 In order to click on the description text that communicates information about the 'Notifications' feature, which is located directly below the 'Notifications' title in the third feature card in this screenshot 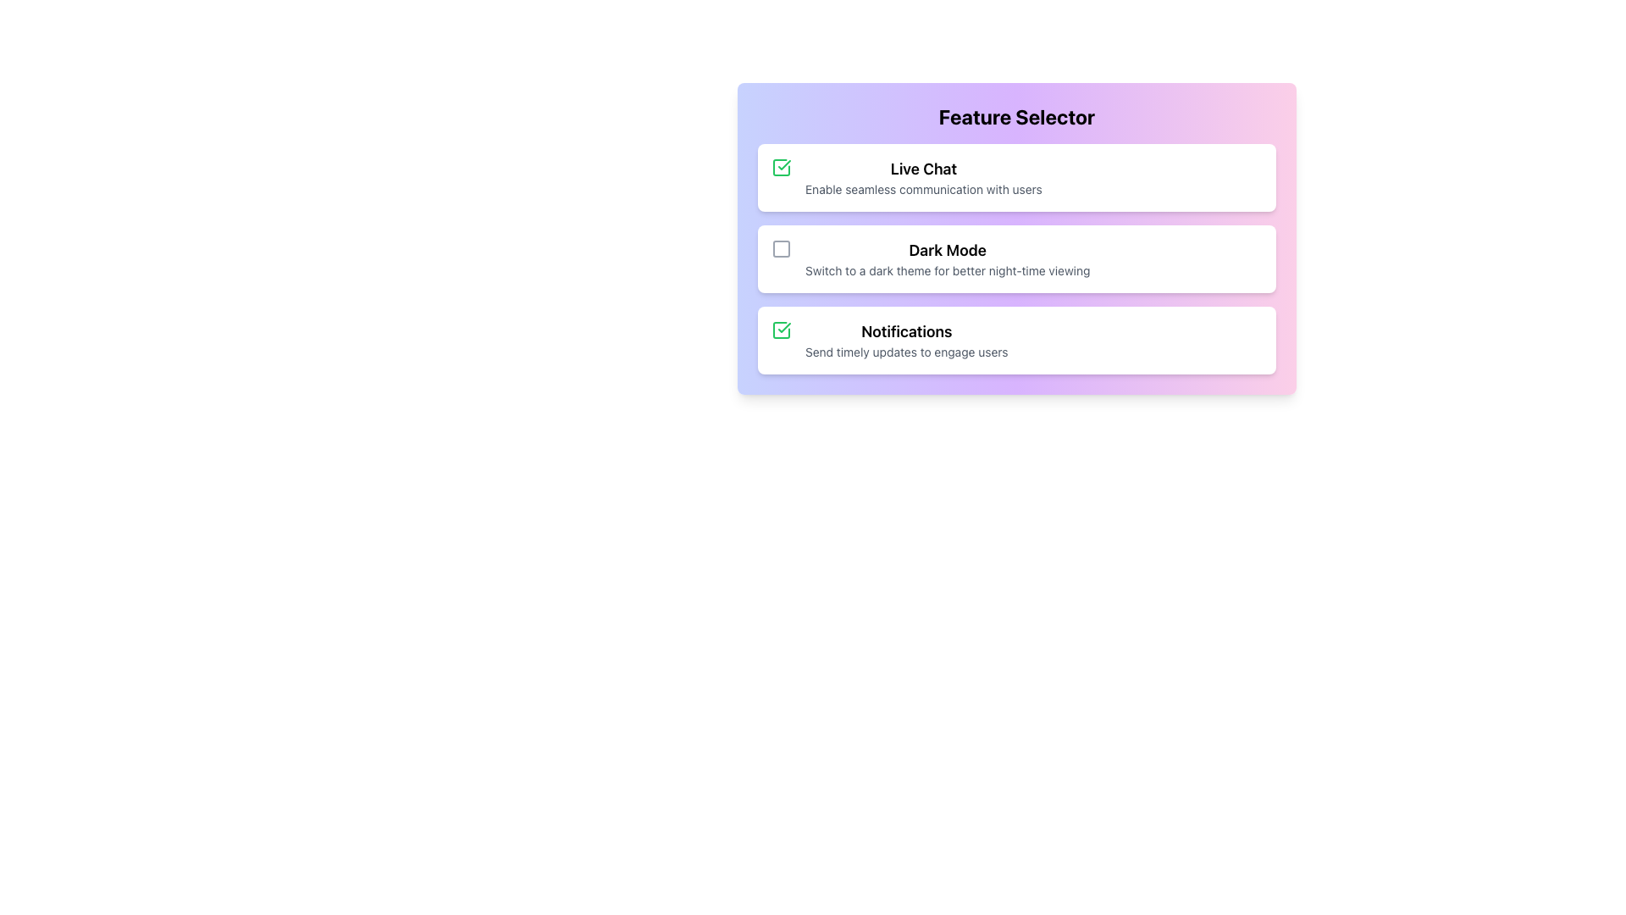, I will do `click(905, 352)`.